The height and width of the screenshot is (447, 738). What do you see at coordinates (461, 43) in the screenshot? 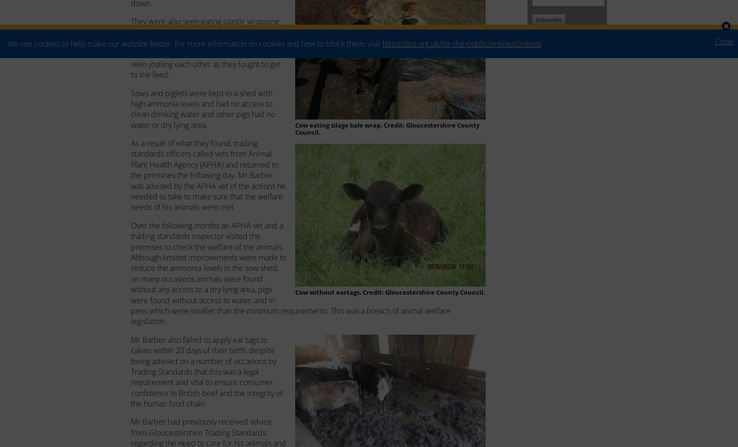
I see `'https://ico.org.uk/for-the-public/online/cookies/'` at bounding box center [461, 43].